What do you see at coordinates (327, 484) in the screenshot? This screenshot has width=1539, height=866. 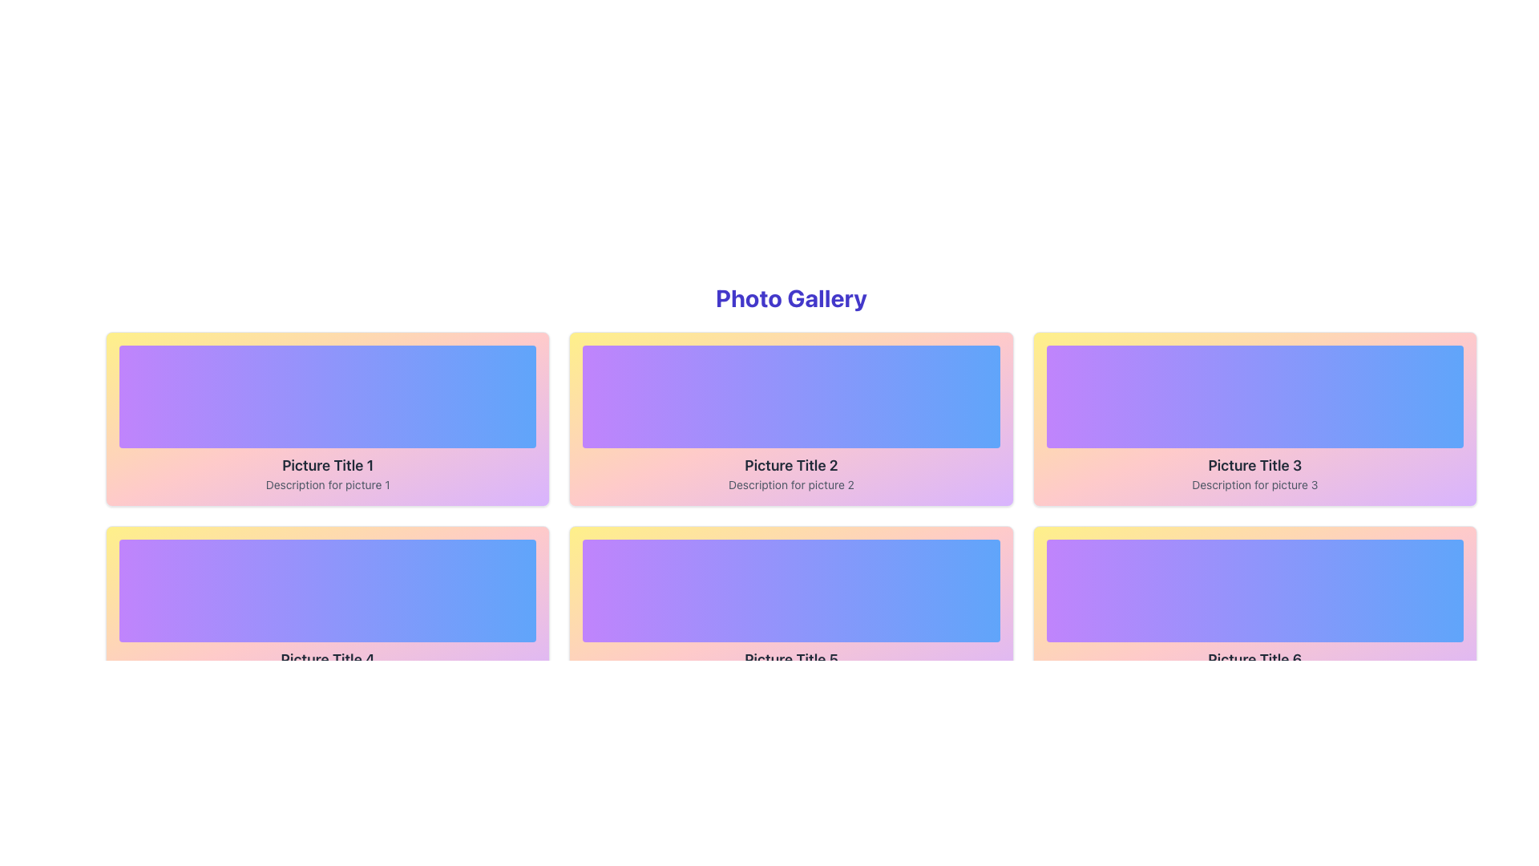 I see `the text label that reads 'Description for picture 1', located under 'Picture Title 1' in the gallery layout` at bounding box center [327, 484].